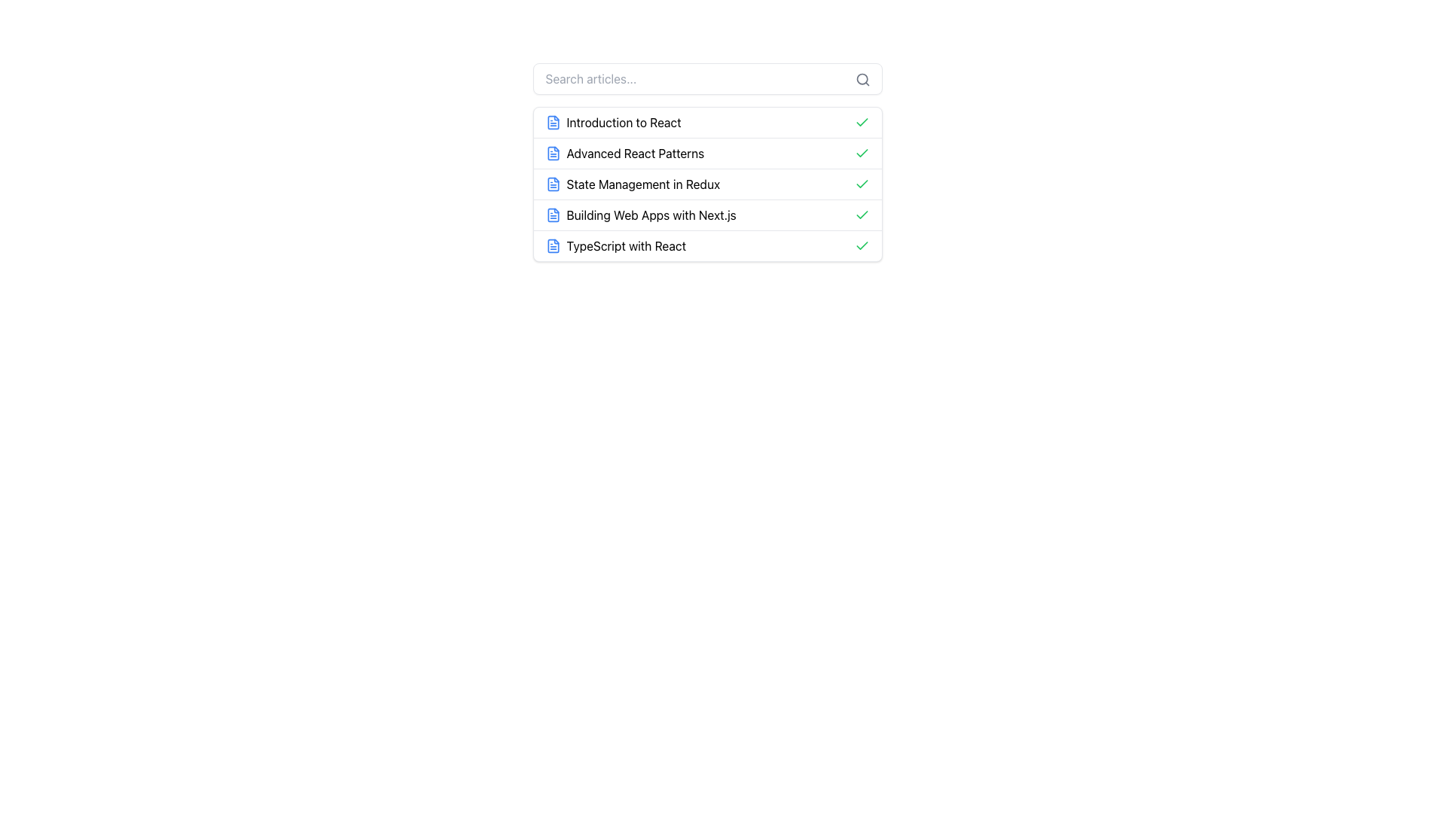  I want to click on the fourth list item in the vertically stacked list, located between 'State Management in Redux' and 'TypeScript with React', so click(641, 215).